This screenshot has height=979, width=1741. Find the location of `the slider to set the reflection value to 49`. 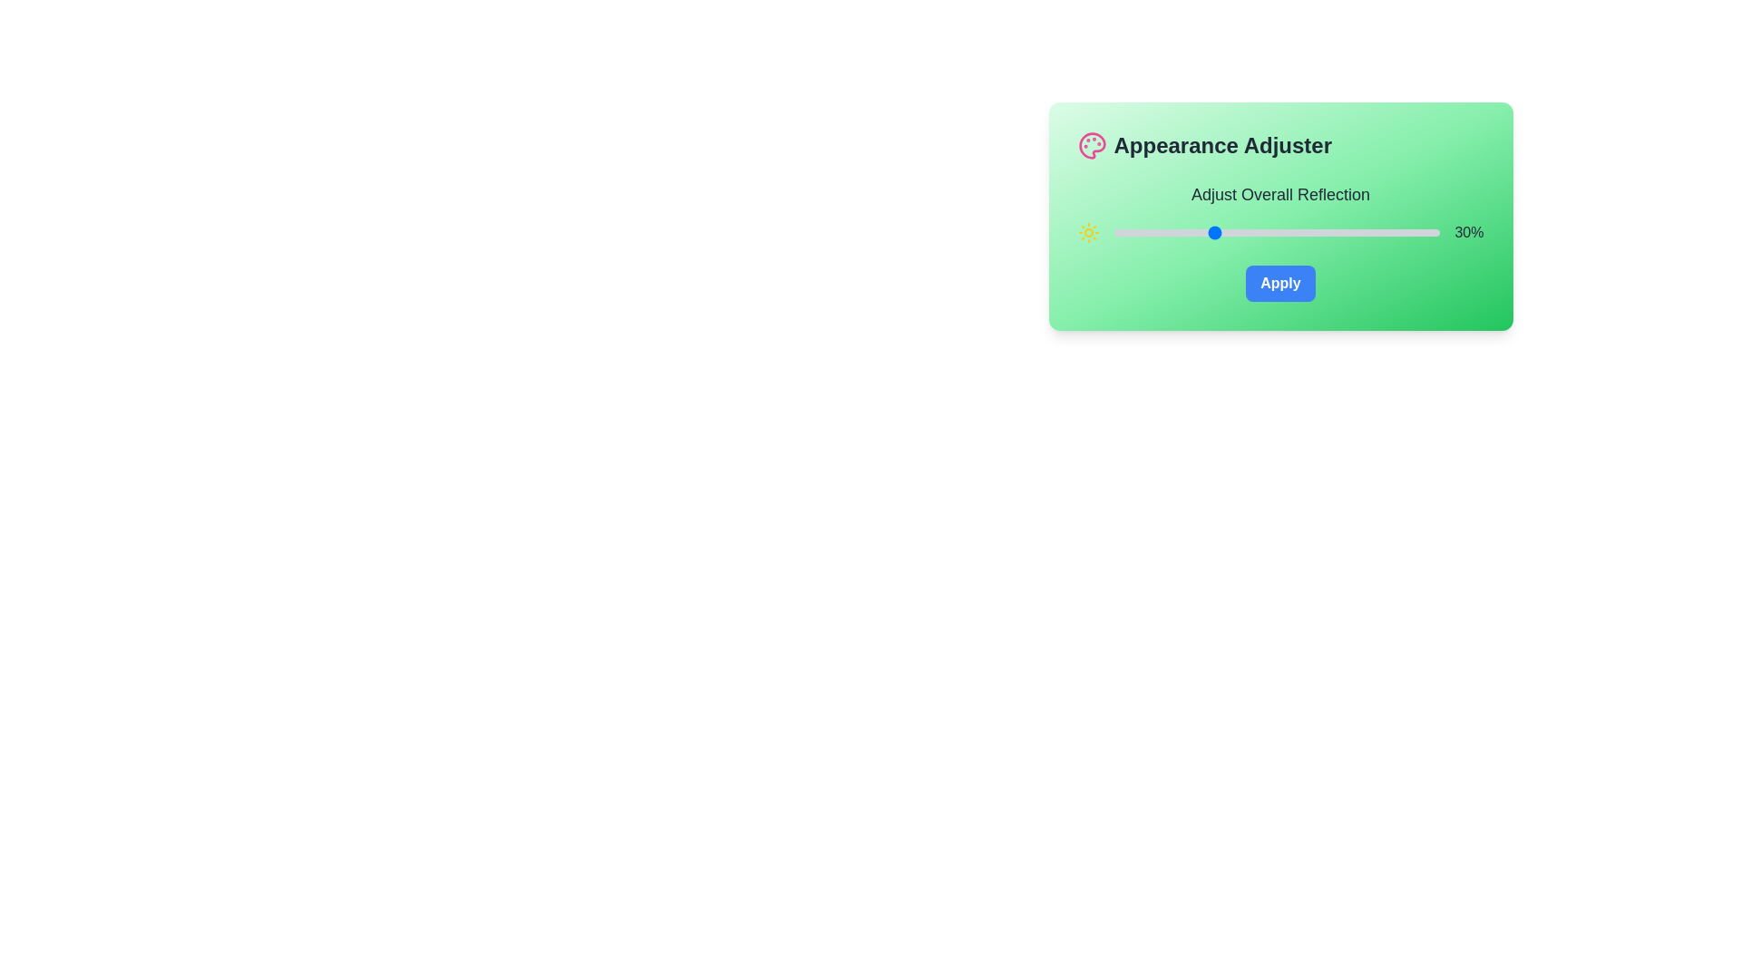

the slider to set the reflection value to 49 is located at coordinates (1272, 232).